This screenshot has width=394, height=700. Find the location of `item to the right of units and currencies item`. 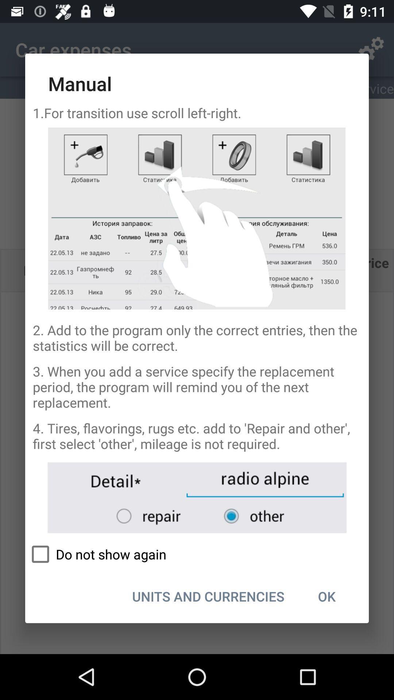

item to the right of units and currencies item is located at coordinates (326, 596).